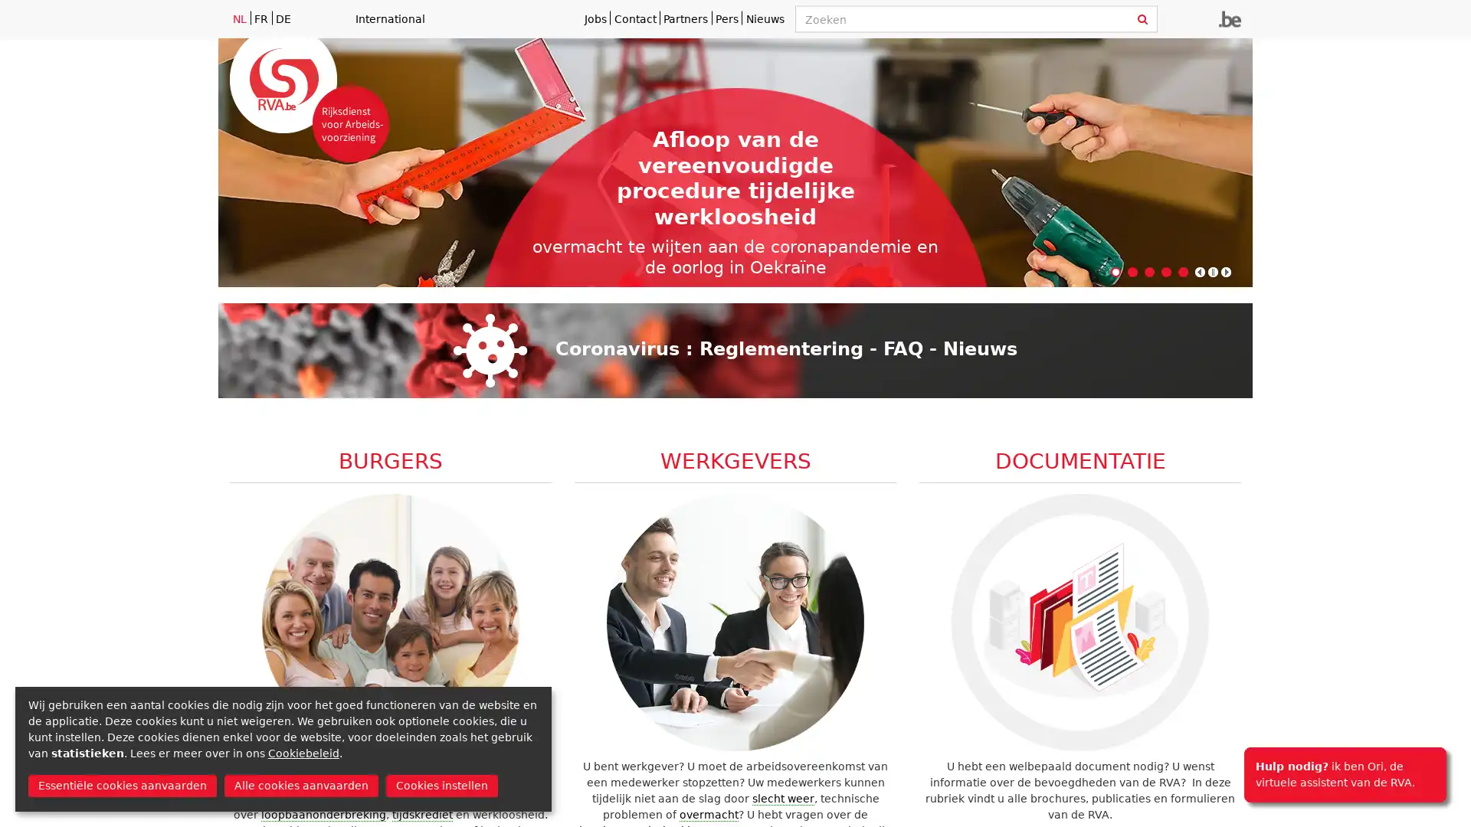 The image size is (1471, 827). Describe the element at coordinates (1345, 774) in the screenshot. I see `Hulp nodig? ik ben Ori, de virtuele assistent van de RVA.` at that location.